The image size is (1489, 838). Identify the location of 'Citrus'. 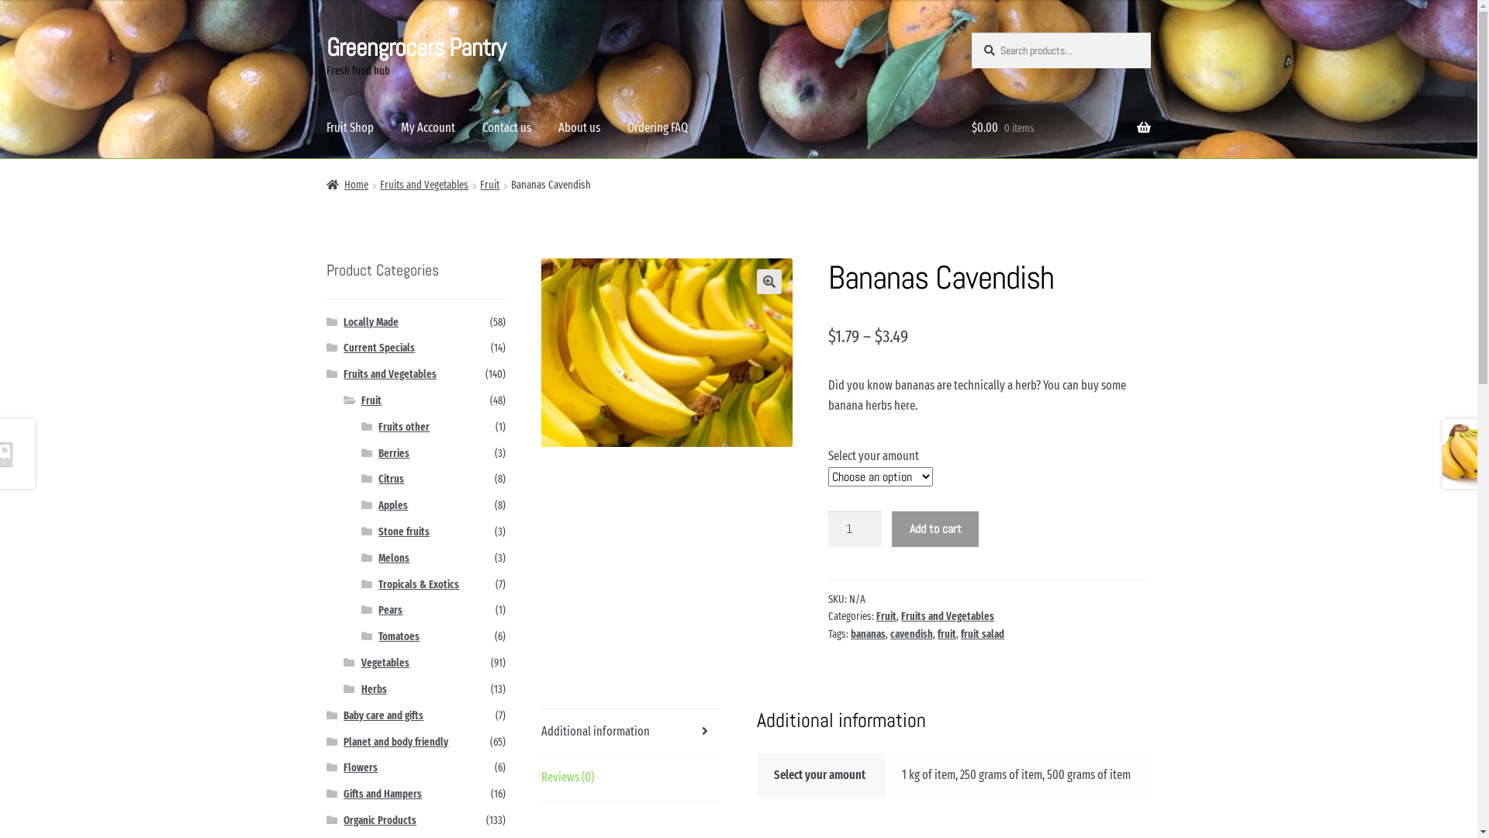
(391, 478).